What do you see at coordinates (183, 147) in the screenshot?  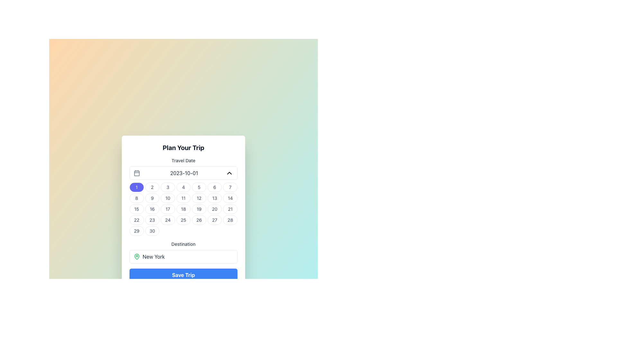 I see `bold header text 'Plan Your Trip' located at the top of the trip planning interface` at bounding box center [183, 147].